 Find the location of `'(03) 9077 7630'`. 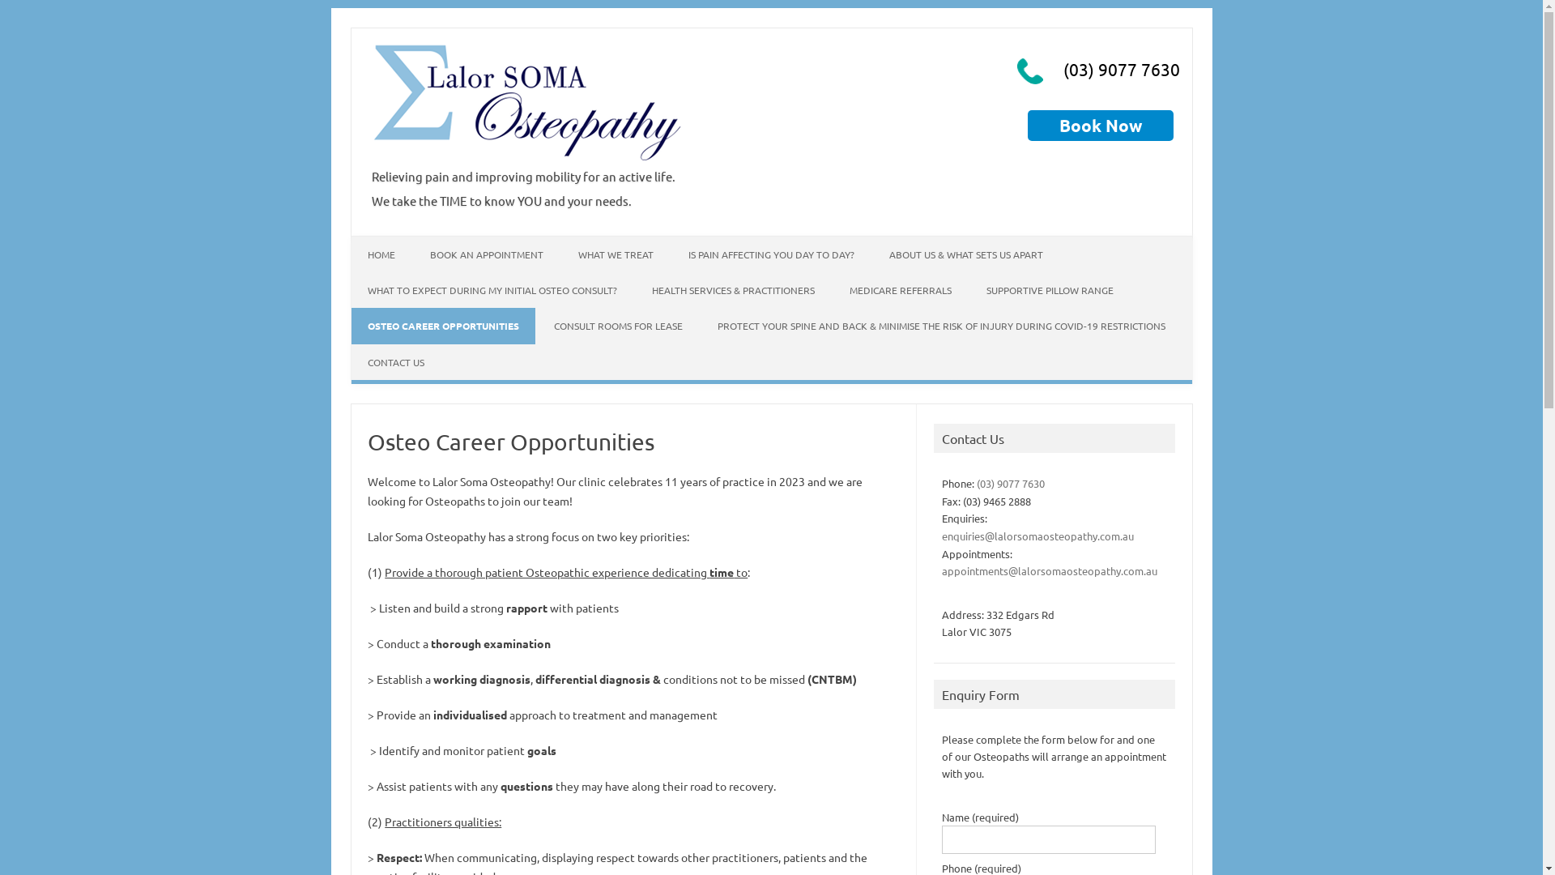

'(03) 9077 7630' is located at coordinates (1059, 67).